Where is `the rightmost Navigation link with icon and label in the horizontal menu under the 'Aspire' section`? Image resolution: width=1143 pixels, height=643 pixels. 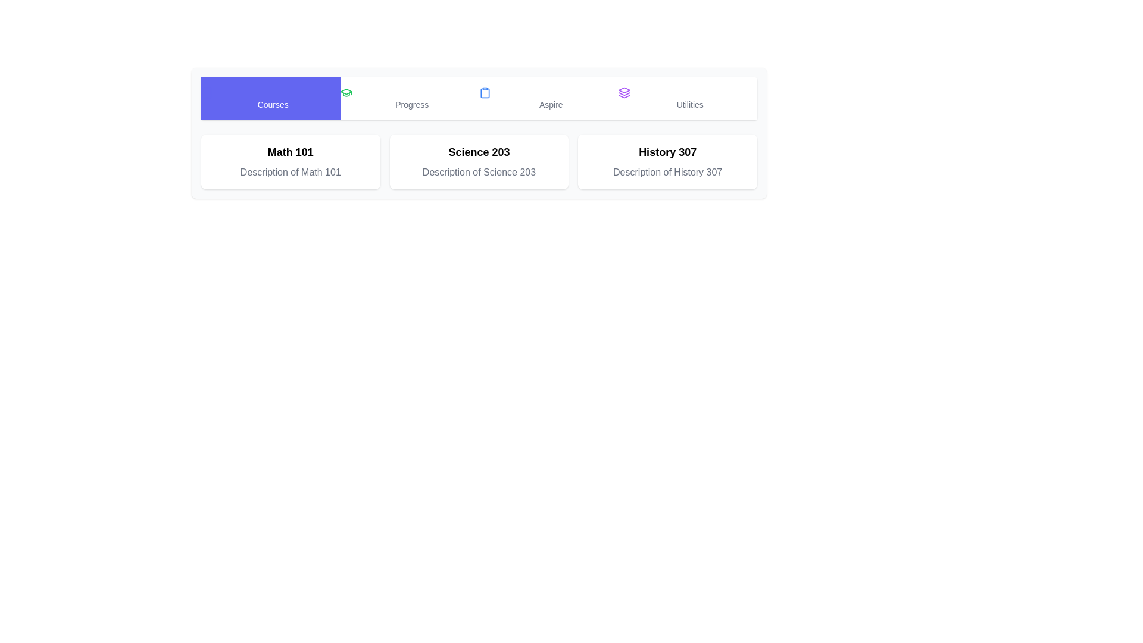 the rightmost Navigation link with icon and label in the horizontal menu under the 'Aspire' section is located at coordinates (688, 98).